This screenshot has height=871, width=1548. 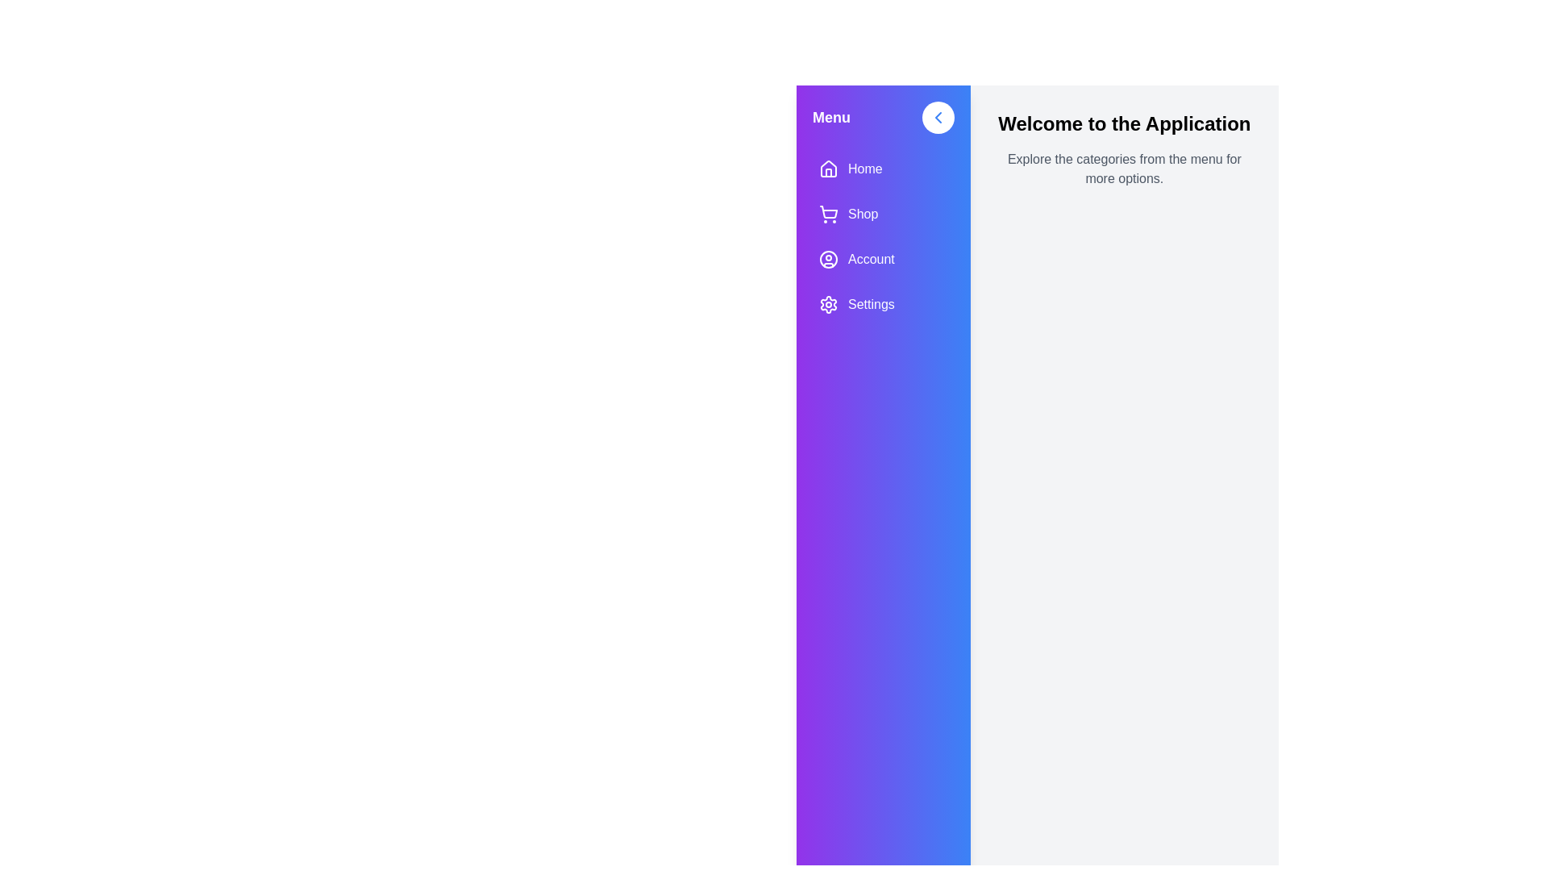 I want to click on the 'Home' menu text label in the sidebar, which serves as a navigation point to the home section of the application, so click(x=864, y=169).